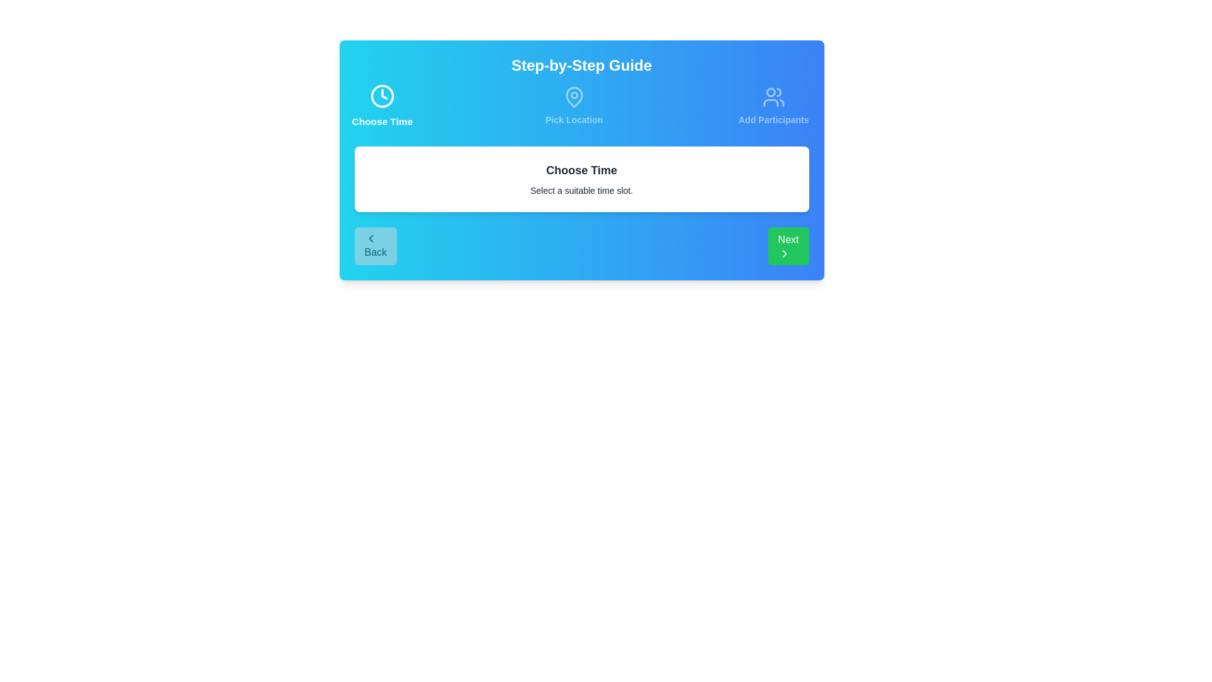  What do you see at coordinates (773, 105) in the screenshot?
I see `the step title Add Participants to view its details` at bounding box center [773, 105].